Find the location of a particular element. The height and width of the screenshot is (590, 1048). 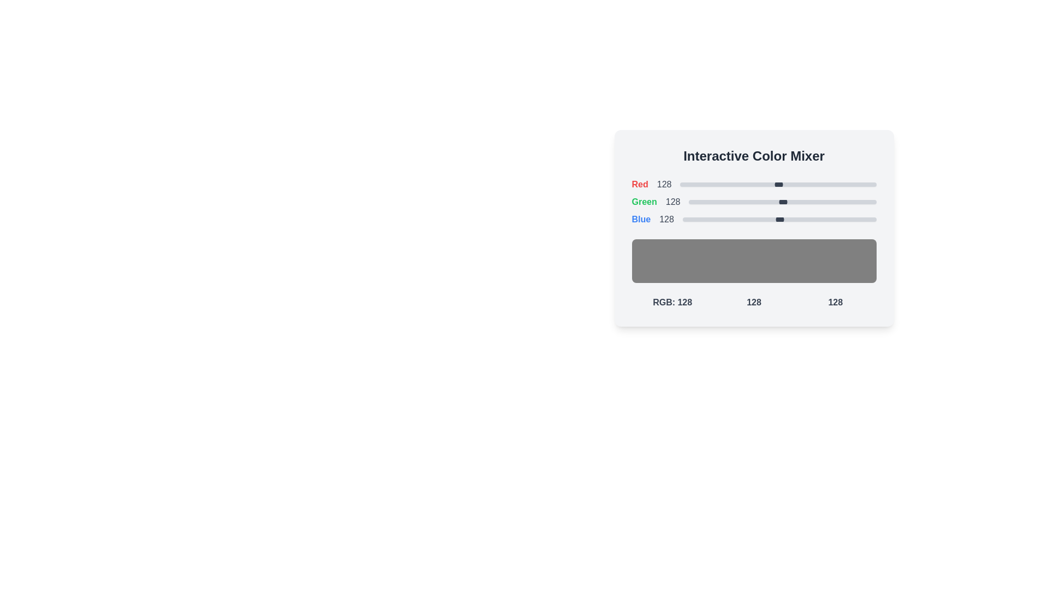

numeric text '128' displayed in a medium-weight gray font, positioned directly to the right of the green label 'Green' is located at coordinates (672, 202).